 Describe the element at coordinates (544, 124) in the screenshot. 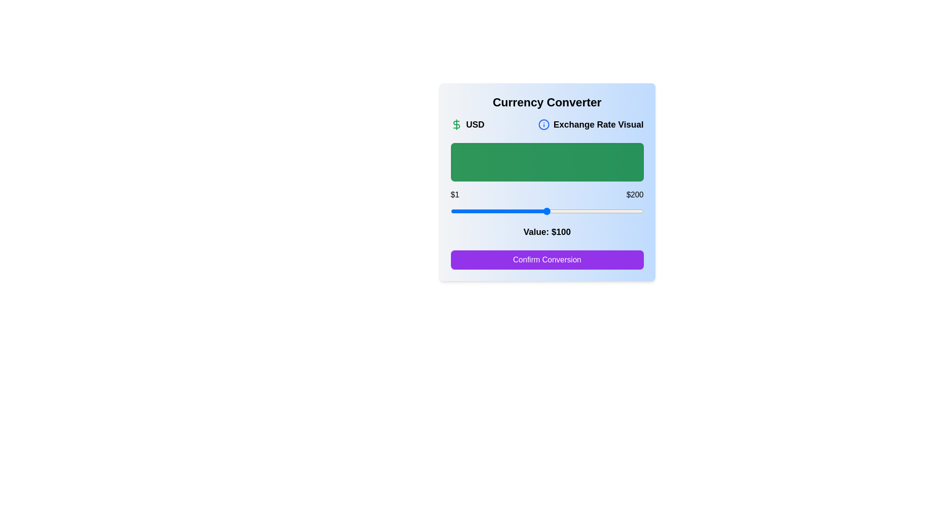

I see `the informational icon to display the tooltip about the exchange rate visual` at that location.